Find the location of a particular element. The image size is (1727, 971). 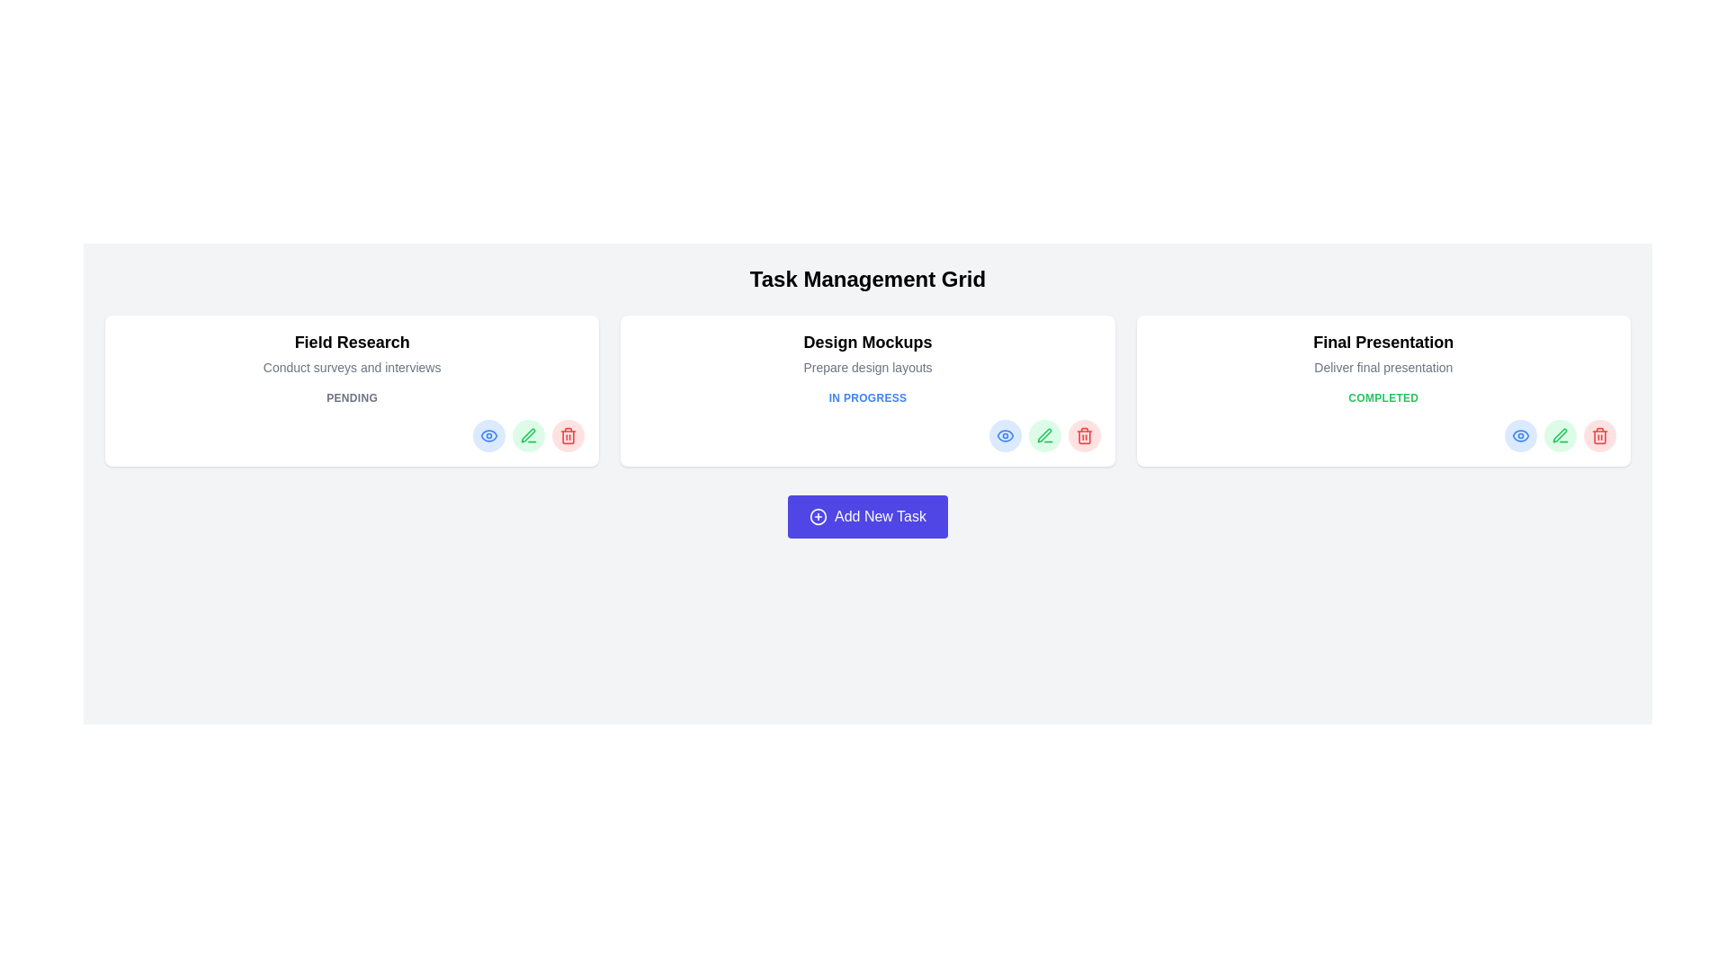

the text label reading 'In Progress', which is styled in uppercase blue bold font and located in the second task card labeled 'Design Mockups', positioned between the description 'Prepare design layouts' and a group of interactive icons is located at coordinates (867, 397).